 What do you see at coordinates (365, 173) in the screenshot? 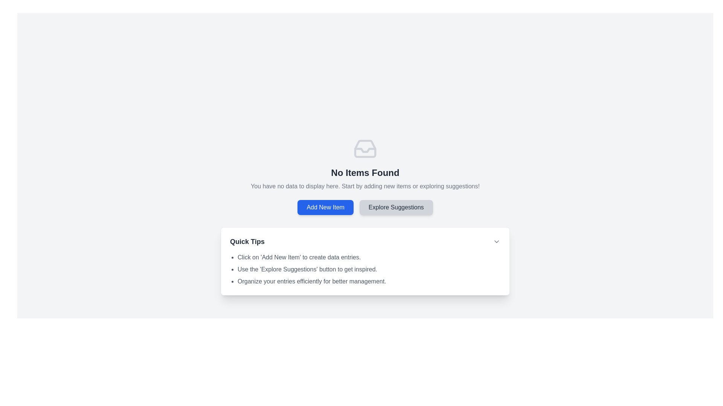
I see `the static text label displaying 'No Items Found', which is prominently styled in bold, large dark gray font and located below the inbox icon` at bounding box center [365, 173].